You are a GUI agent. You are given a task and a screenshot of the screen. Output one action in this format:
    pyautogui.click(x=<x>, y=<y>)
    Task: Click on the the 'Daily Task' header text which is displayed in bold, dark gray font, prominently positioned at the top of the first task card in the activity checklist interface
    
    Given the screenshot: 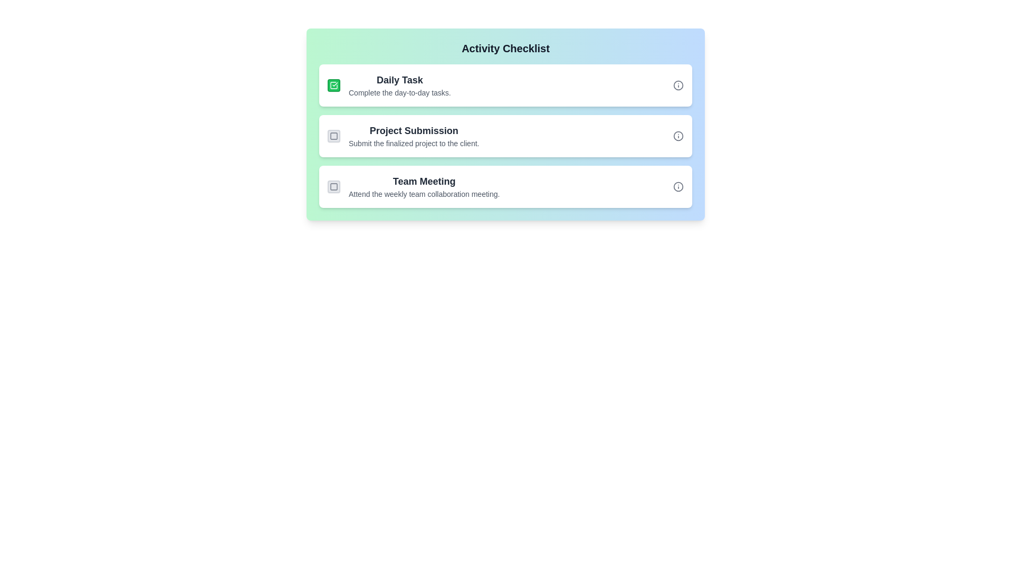 What is the action you would take?
    pyautogui.click(x=399, y=79)
    